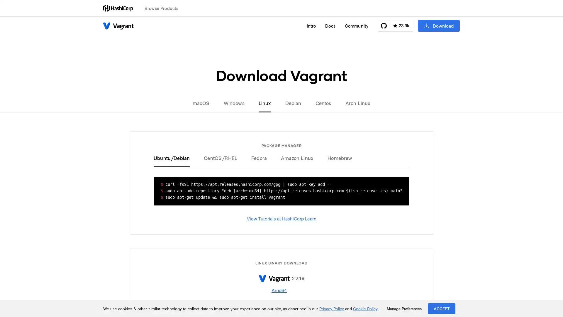  I want to click on Arch Linux, so click(354, 103).